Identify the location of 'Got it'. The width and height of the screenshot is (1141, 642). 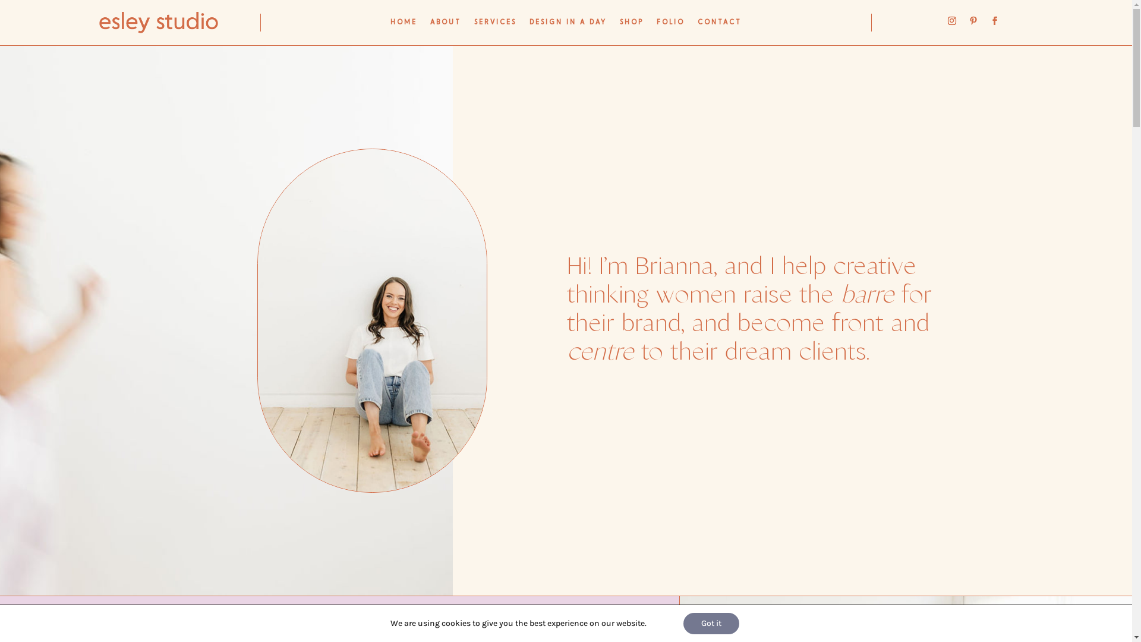
(711, 623).